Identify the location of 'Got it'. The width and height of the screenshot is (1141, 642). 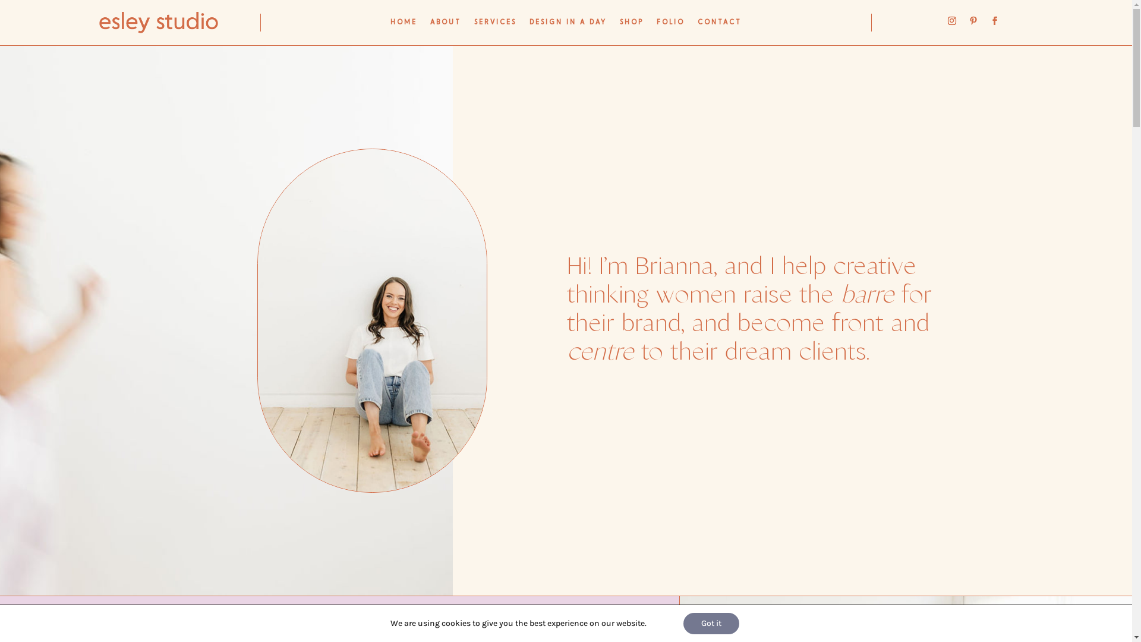
(711, 623).